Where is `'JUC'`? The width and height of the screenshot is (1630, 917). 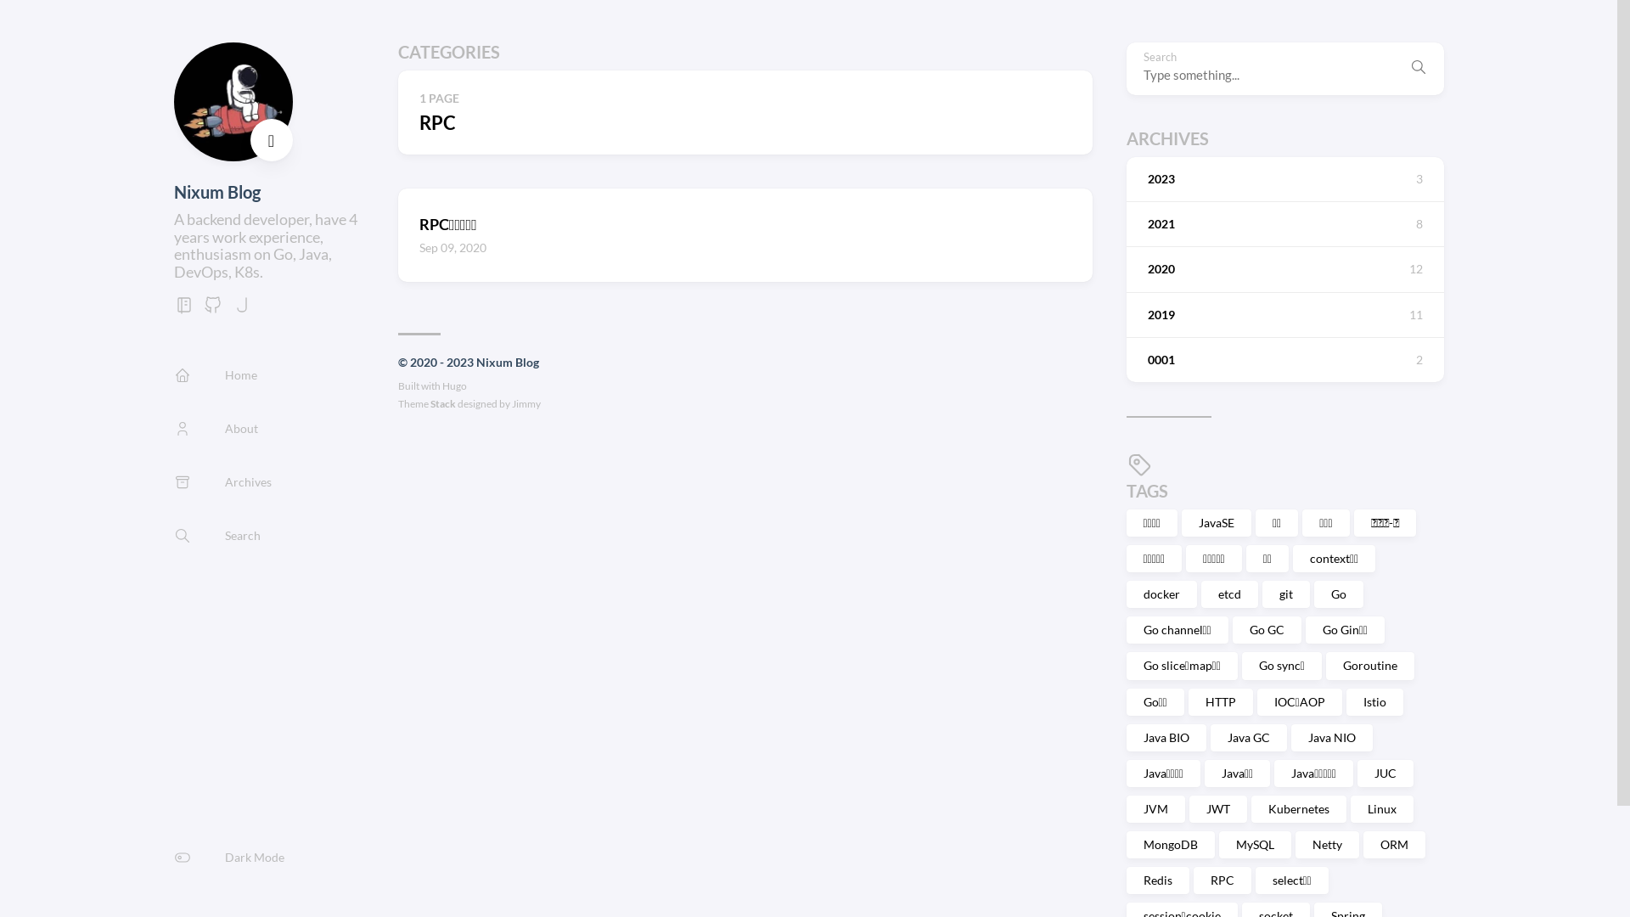 'JUC' is located at coordinates (1385, 773).